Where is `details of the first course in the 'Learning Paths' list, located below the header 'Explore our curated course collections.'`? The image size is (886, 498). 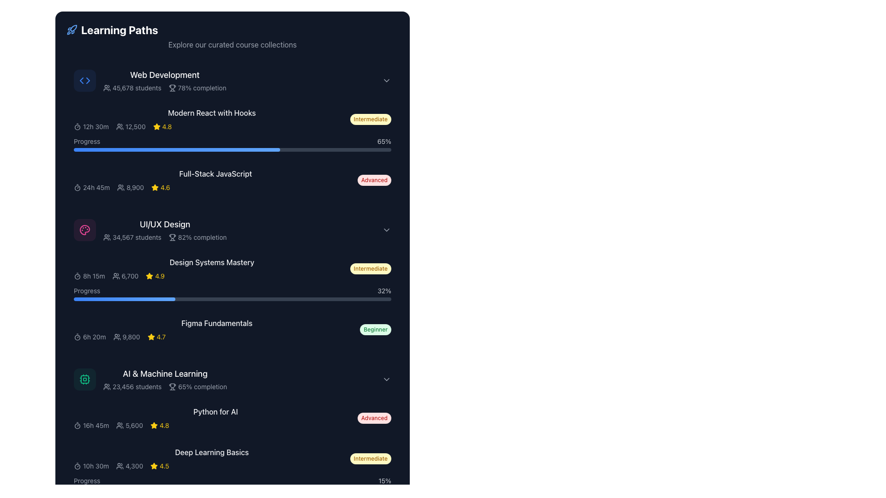 details of the first course in the 'Learning Paths' list, located below the header 'Explore our curated course collections.' is located at coordinates (165, 80).